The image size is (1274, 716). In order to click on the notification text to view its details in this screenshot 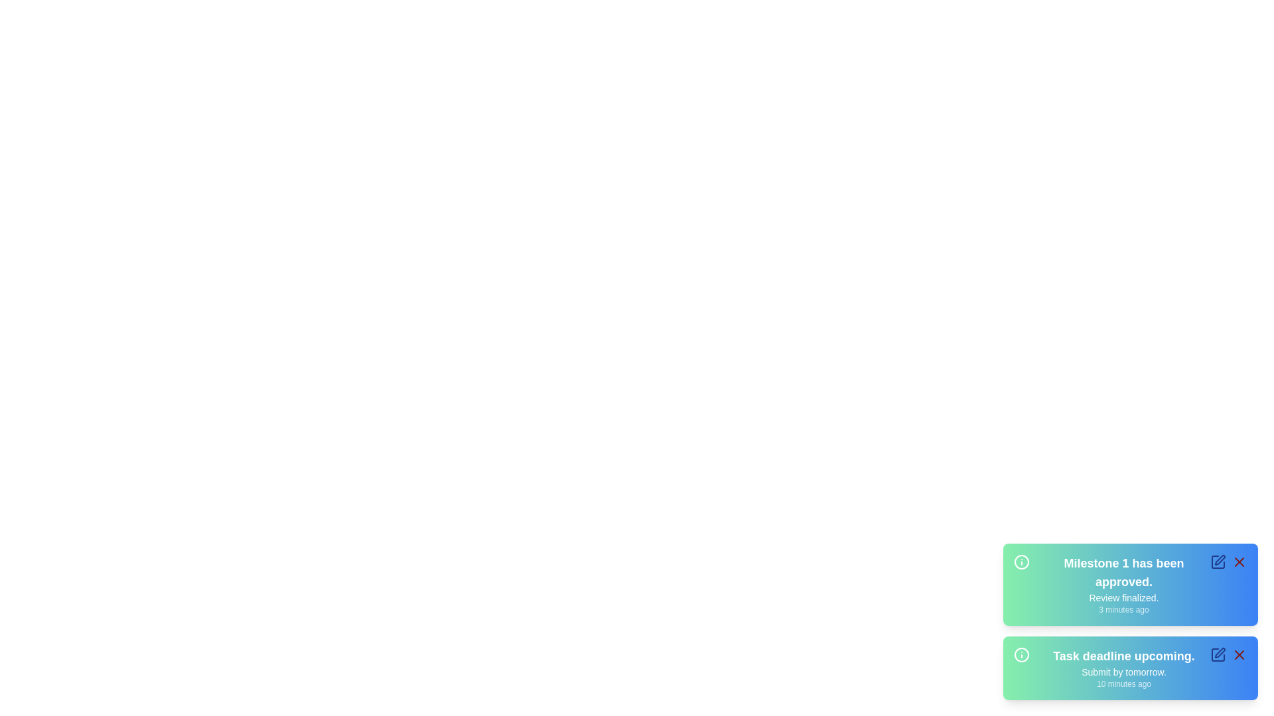, I will do `click(1123, 584)`.